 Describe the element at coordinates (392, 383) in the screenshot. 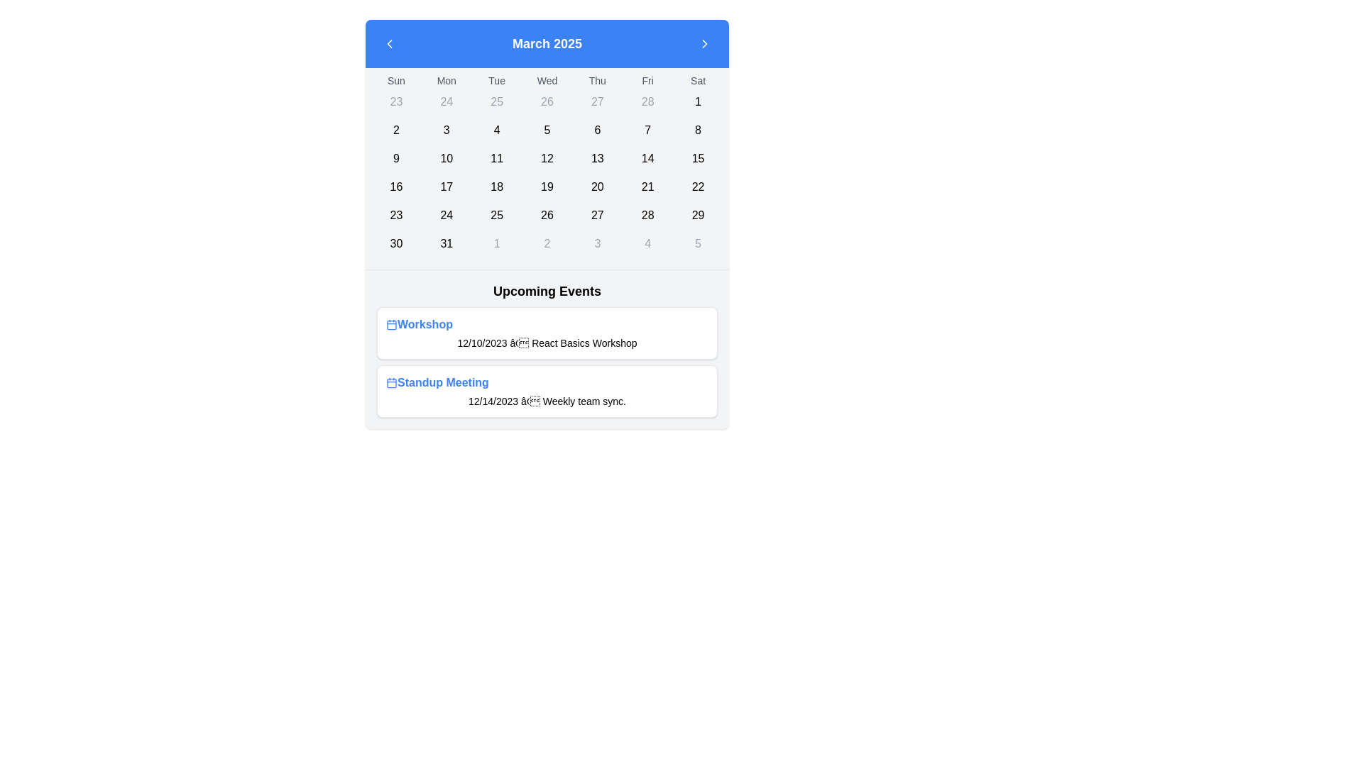

I see `the rounded rectangle element within the calendar icon in the 'Upcoming Events' section, adjacent to the 'Workshop' label` at that location.